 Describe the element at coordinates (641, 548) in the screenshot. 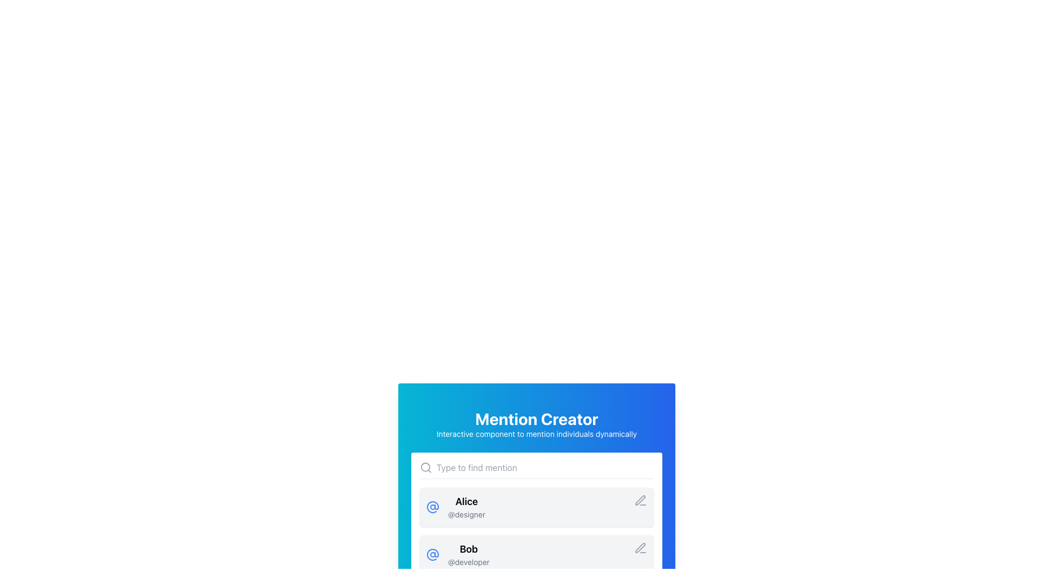

I see `the edit icon located at the rightmost side of the row labeled 'Bob@developer'` at that location.